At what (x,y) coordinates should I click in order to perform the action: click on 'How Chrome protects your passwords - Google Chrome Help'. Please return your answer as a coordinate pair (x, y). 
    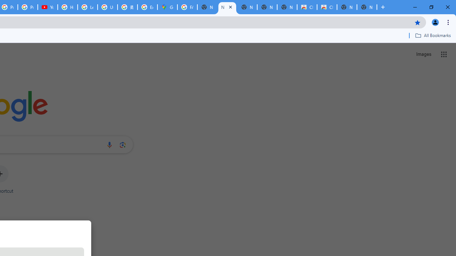
    Looking at the image, I should click on (68, 7).